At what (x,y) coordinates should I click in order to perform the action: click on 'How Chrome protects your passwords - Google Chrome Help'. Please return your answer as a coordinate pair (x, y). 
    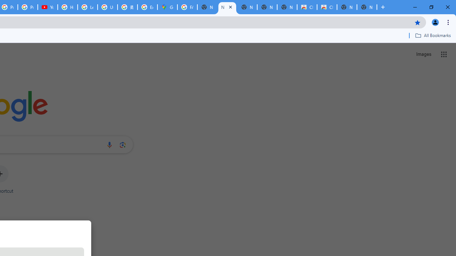
    Looking at the image, I should click on (68, 7).